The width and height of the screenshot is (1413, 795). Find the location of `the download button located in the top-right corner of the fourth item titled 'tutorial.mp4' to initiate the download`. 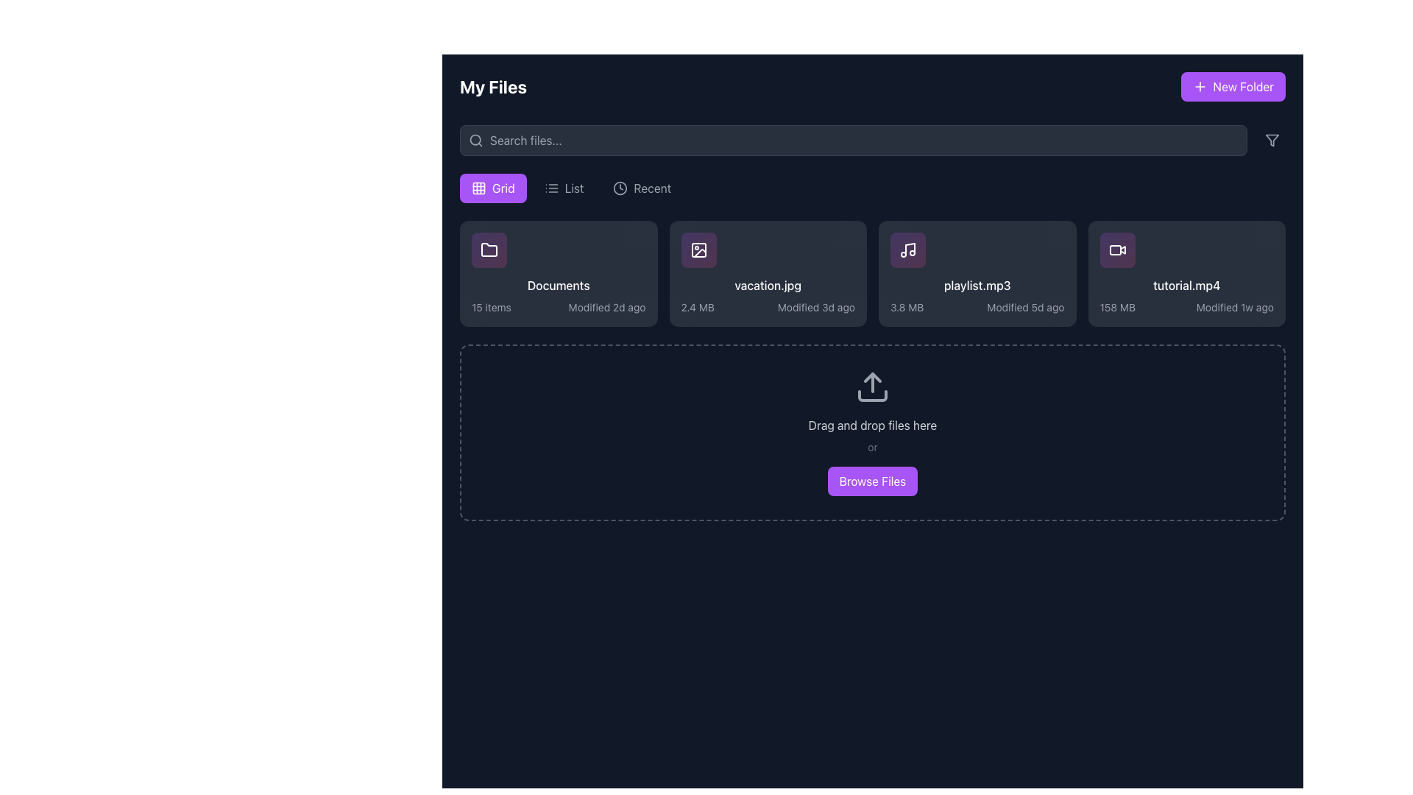

the download button located in the top-right corner of the fourth item titled 'tutorial.mp4' to initiate the download is located at coordinates (1150, 273).